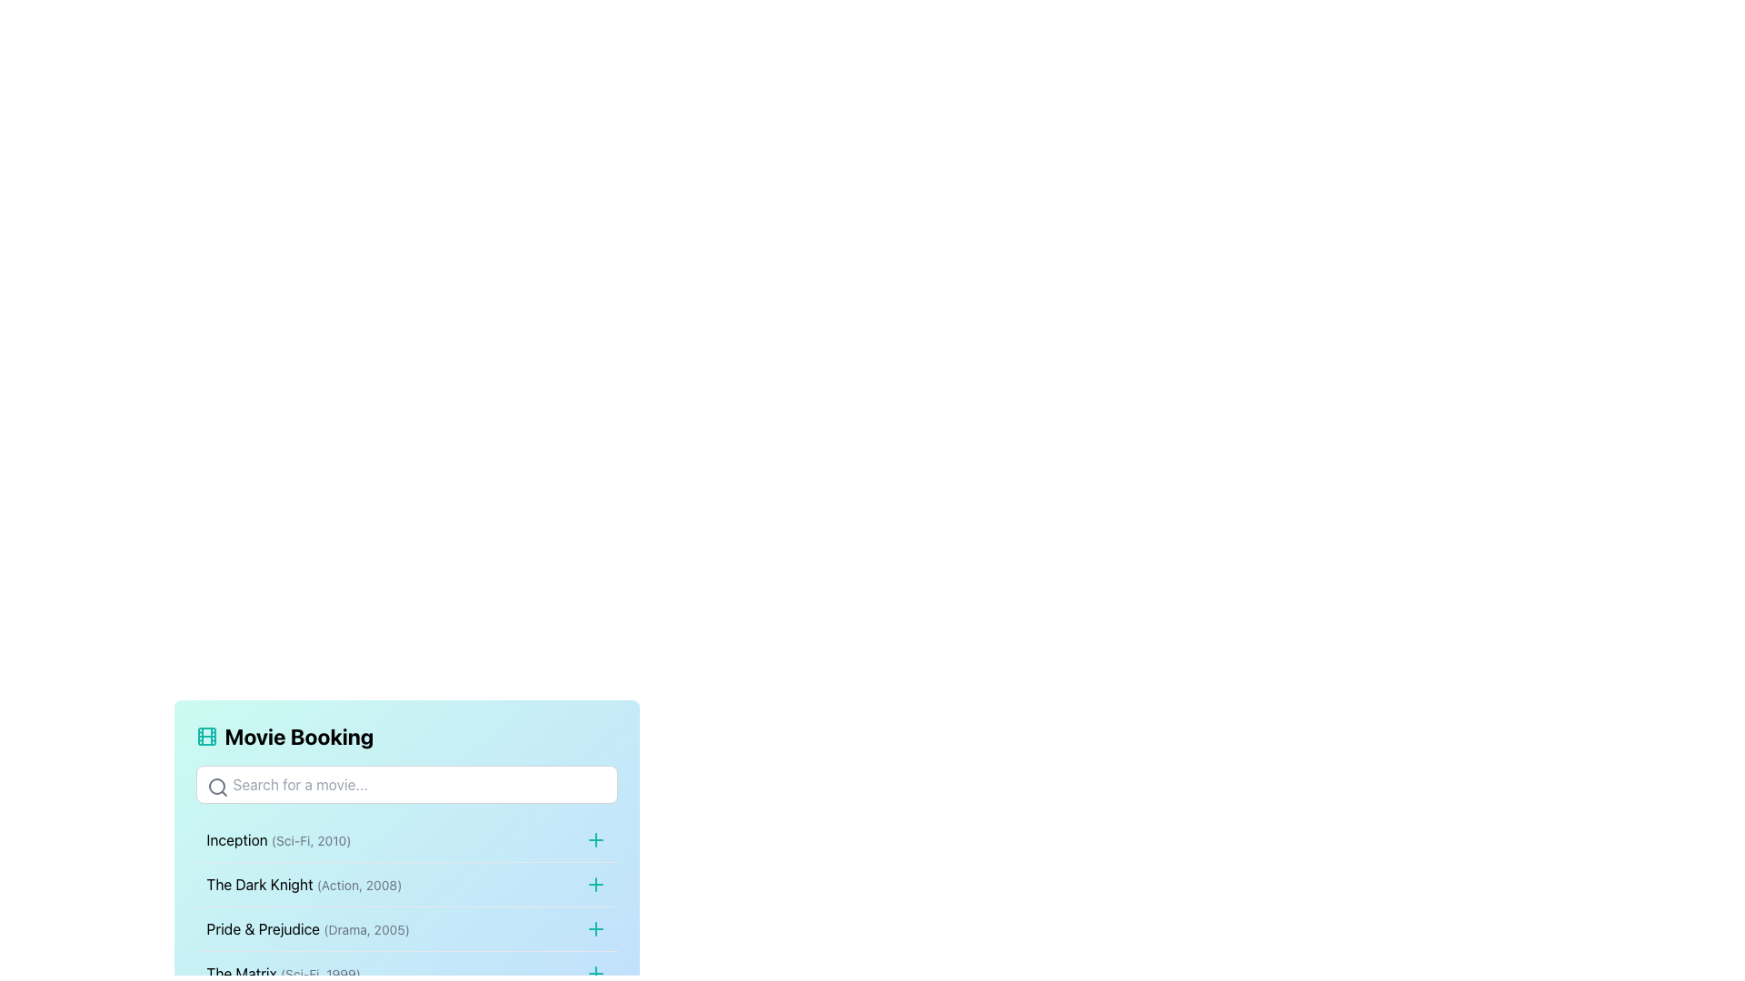  I want to click on the circular button with a teal stroke that forms a plus sign, located at the far right of the row containing 'Pride & Prejudice (Drama, 2005)', so click(595, 928).